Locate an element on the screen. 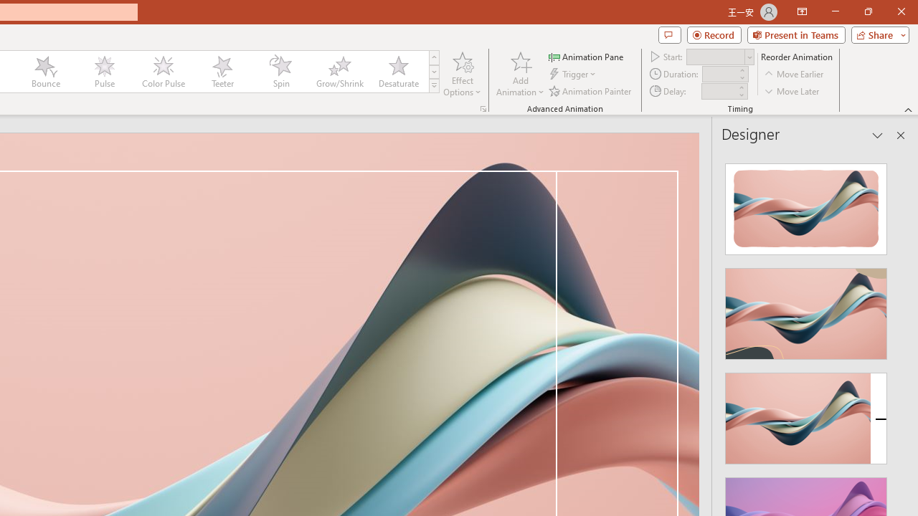 The width and height of the screenshot is (918, 516). 'Desaturate' is located at coordinates (398, 72).